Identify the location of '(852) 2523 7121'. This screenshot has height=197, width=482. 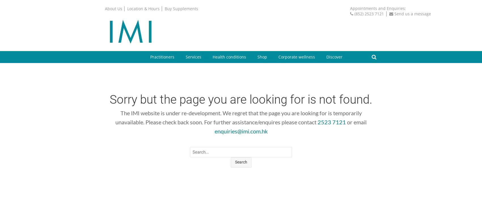
(369, 13).